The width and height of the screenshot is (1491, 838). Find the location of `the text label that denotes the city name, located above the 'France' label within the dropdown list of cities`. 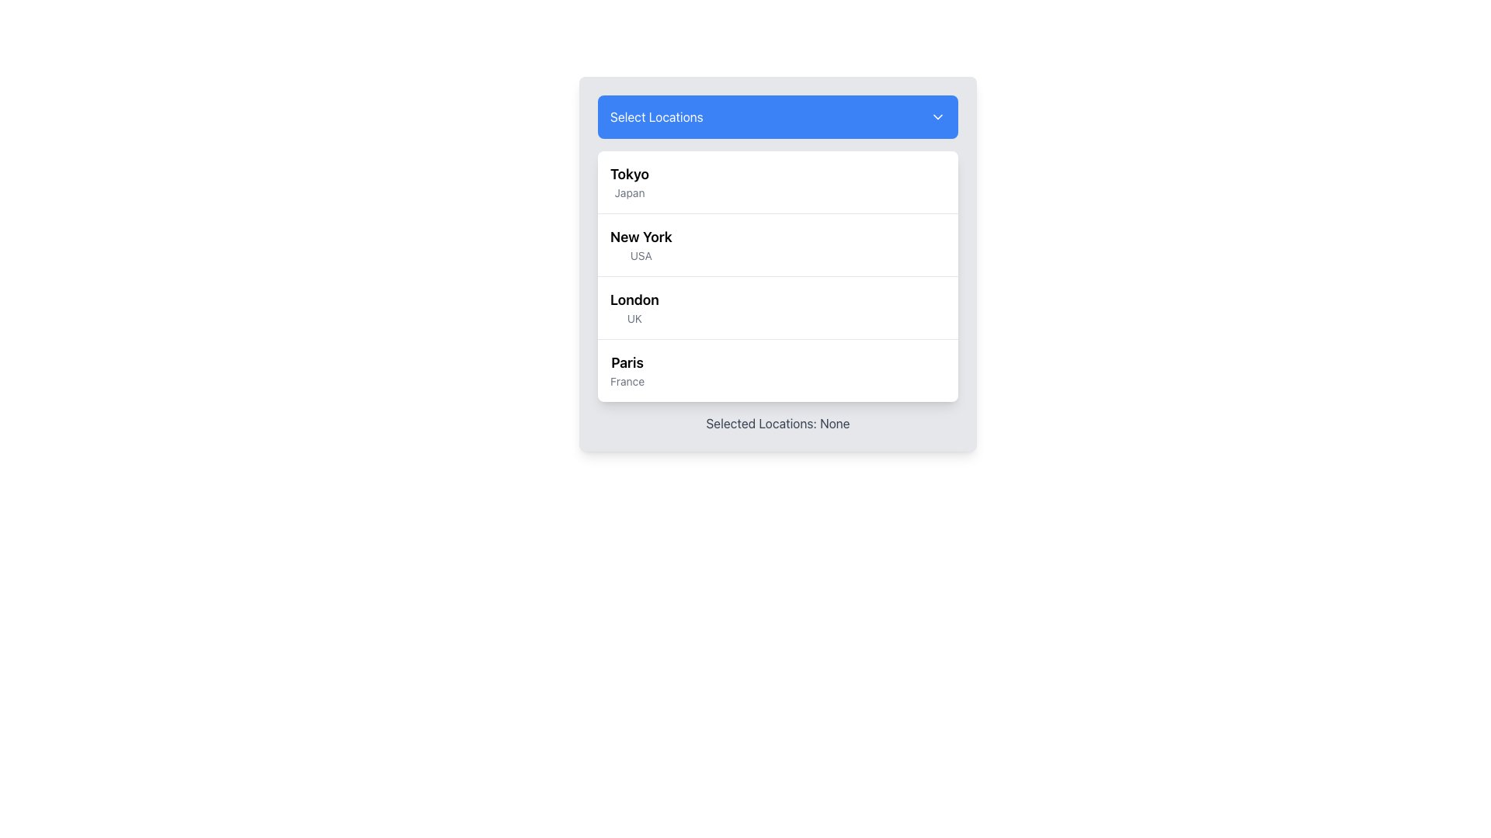

the text label that denotes the city name, located above the 'France' label within the dropdown list of cities is located at coordinates (627, 362).